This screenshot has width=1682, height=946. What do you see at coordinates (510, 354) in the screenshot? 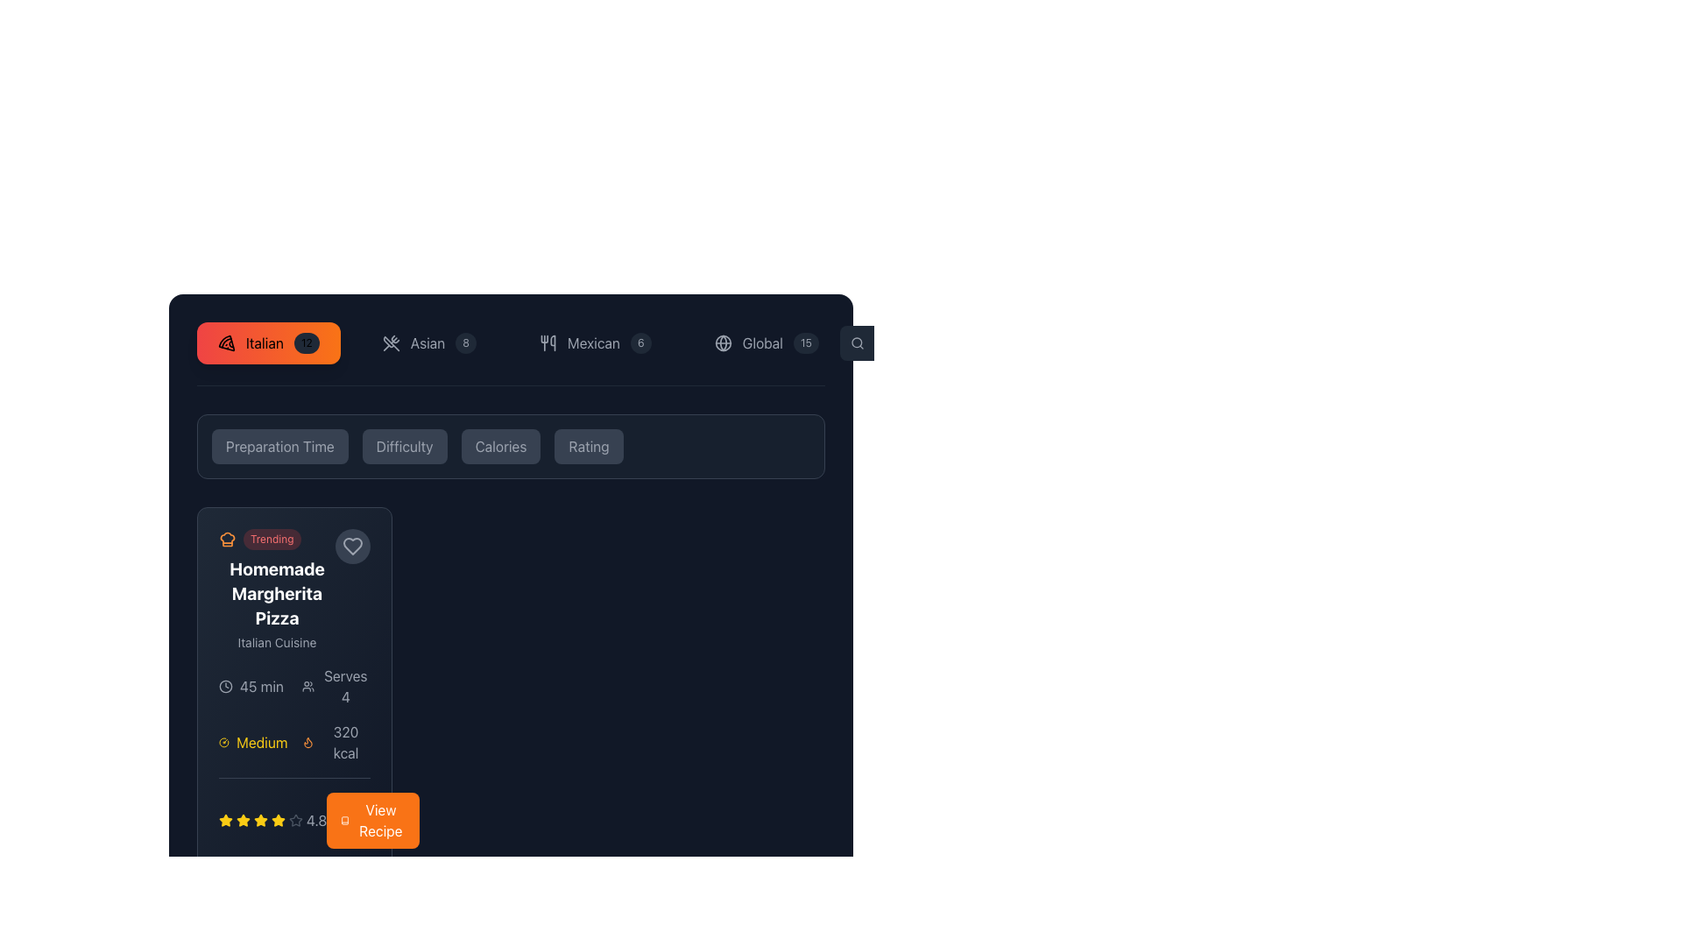
I see `the 'Italian' category in the Category filter bar` at bounding box center [510, 354].